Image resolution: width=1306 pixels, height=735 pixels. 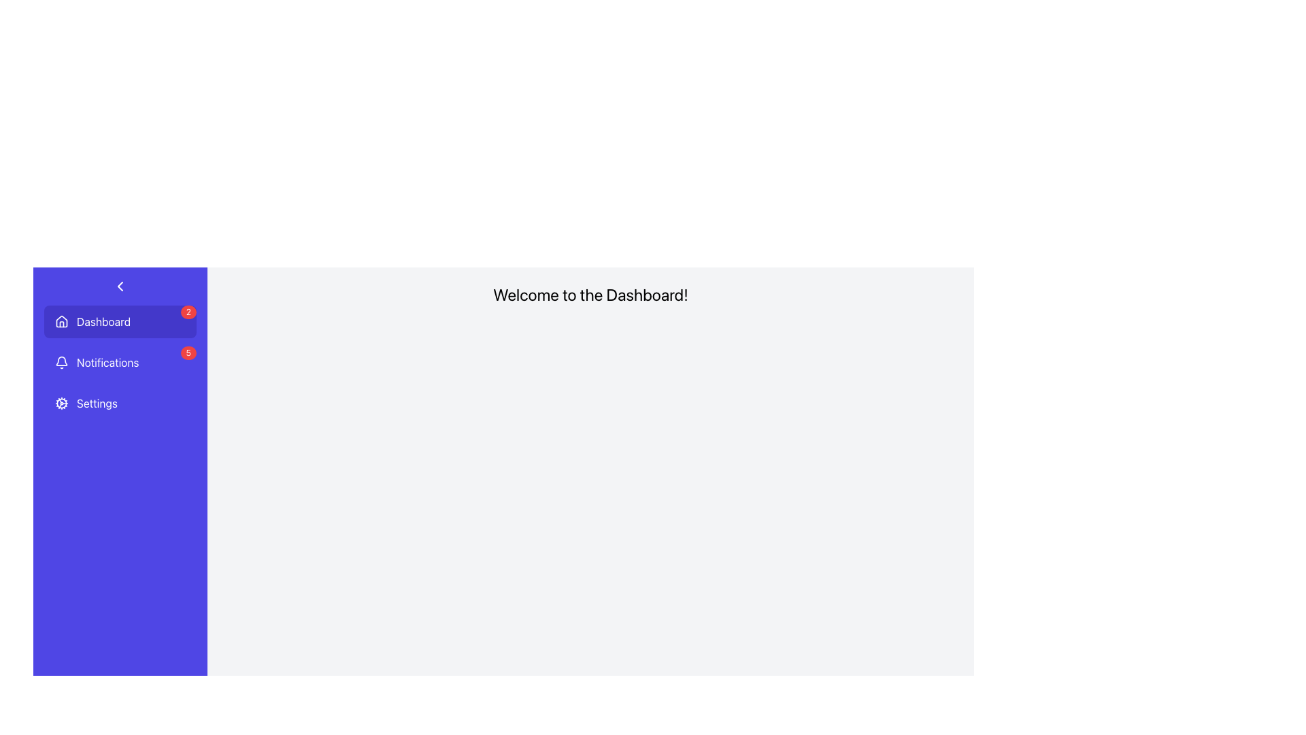 What do you see at coordinates (61, 361) in the screenshot?
I see `the small bell icon, which is a line art style notification symbol located in the 'Notifications' button in the sidebar` at bounding box center [61, 361].